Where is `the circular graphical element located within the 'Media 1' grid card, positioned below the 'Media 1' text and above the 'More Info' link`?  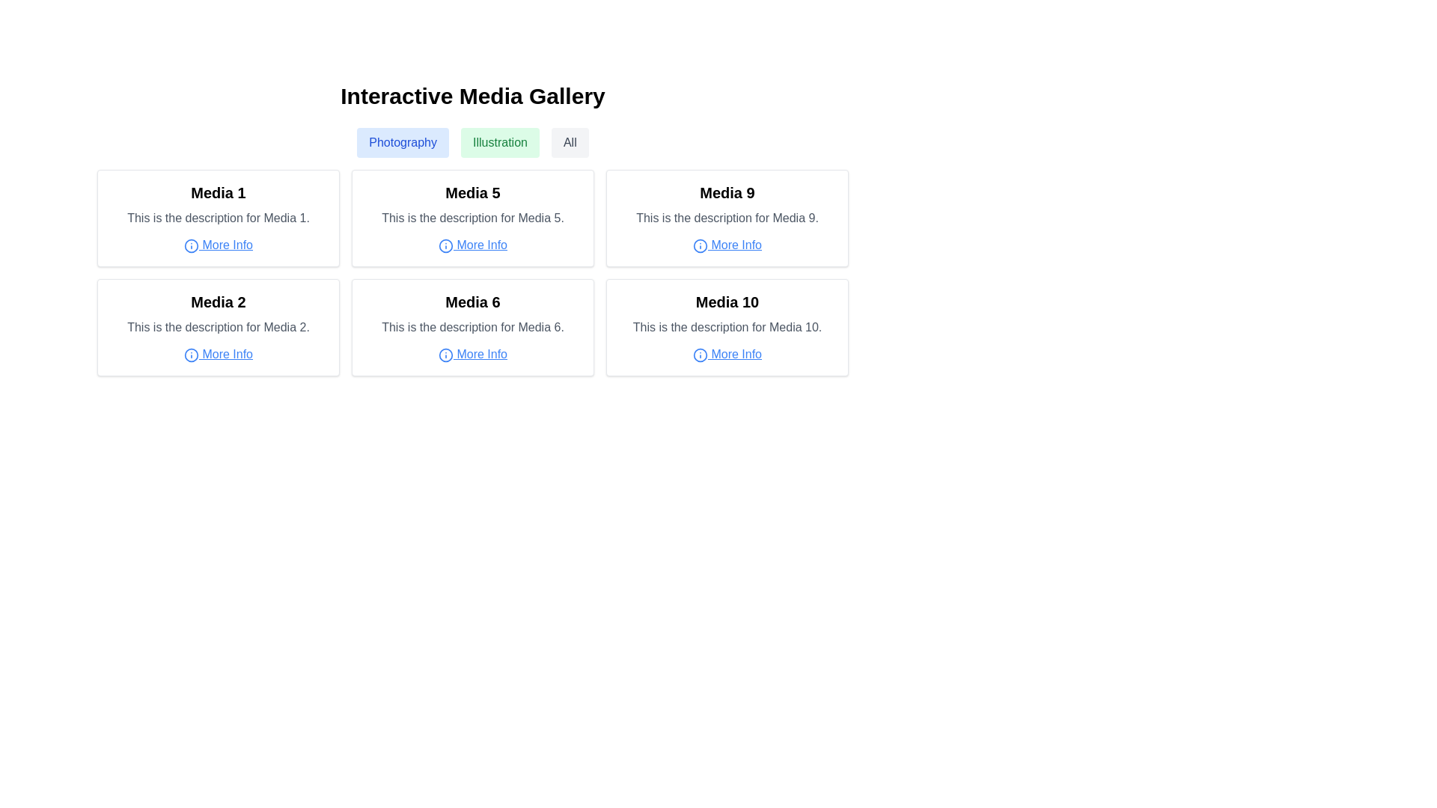 the circular graphical element located within the 'Media 1' grid card, positioned below the 'Media 1' text and above the 'More Info' link is located at coordinates (190, 245).